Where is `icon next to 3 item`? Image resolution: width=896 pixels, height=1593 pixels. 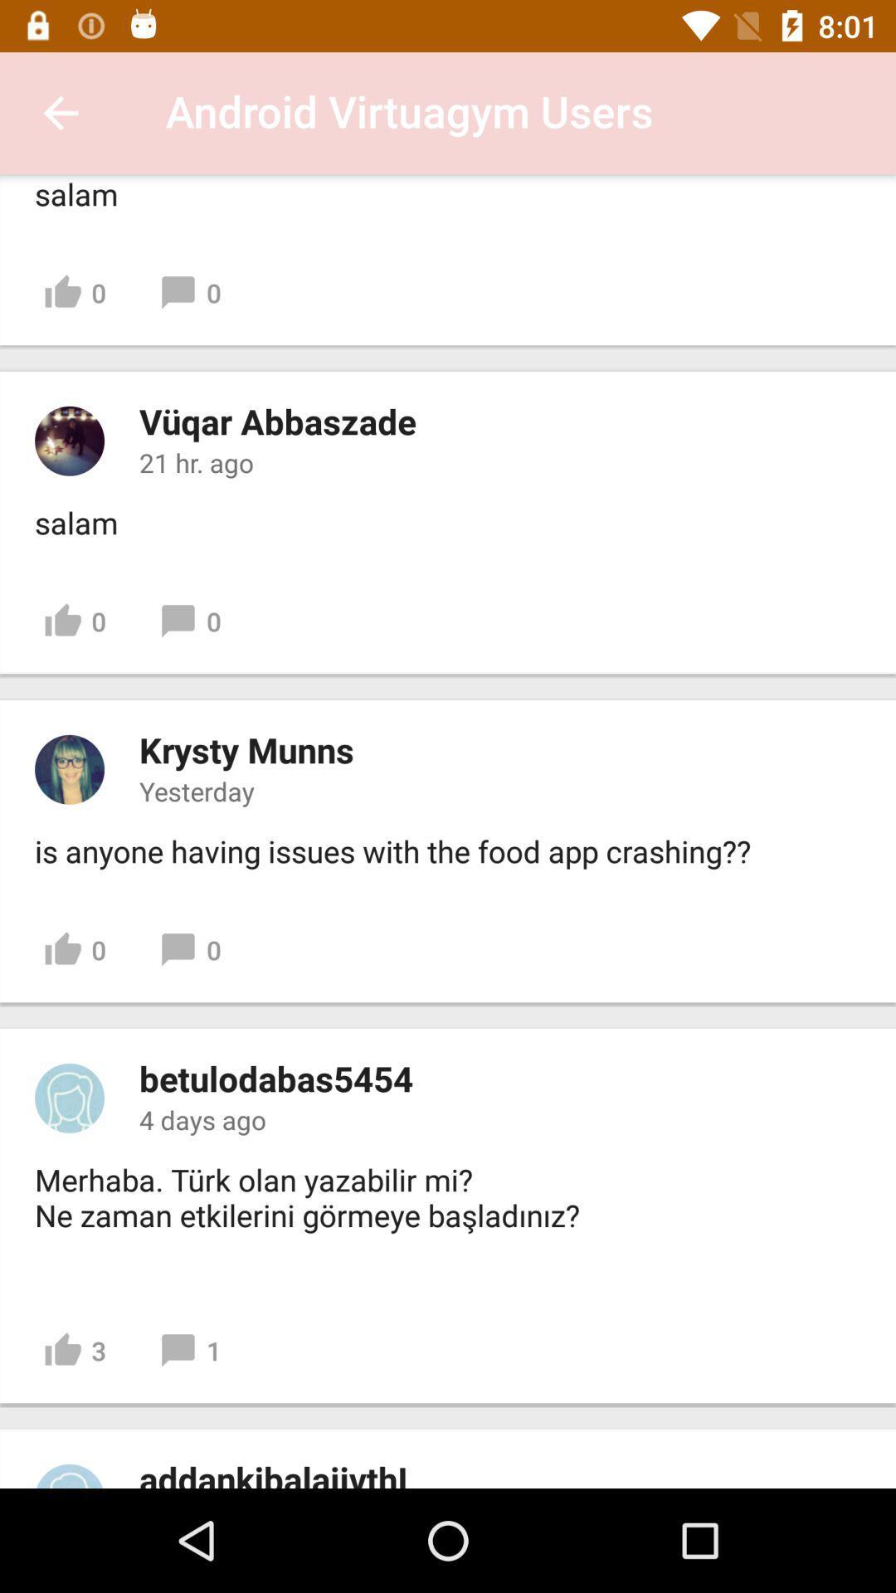 icon next to 3 item is located at coordinates (189, 1351).